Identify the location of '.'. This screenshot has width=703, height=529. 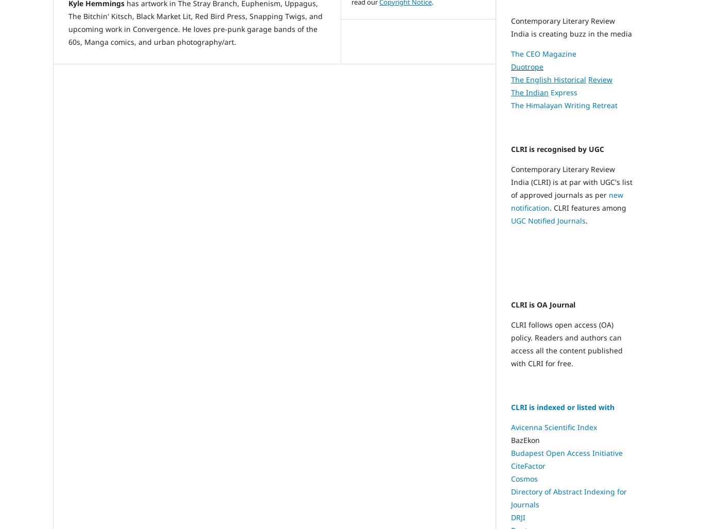
(587, 220).